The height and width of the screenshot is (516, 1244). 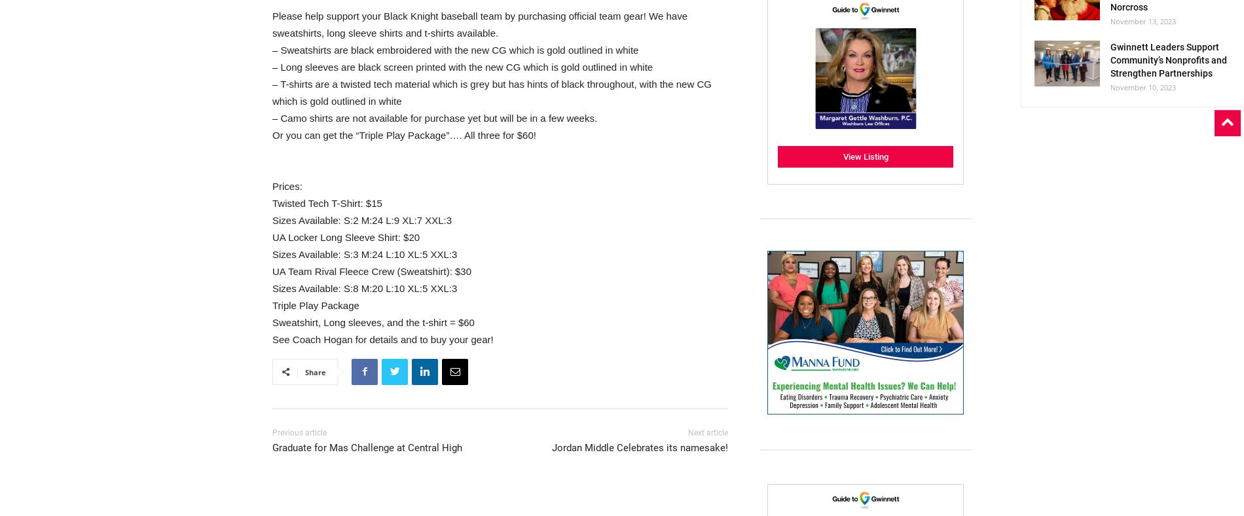 What do you see at coordinates (286, 185) in the screenshot?
I see `'Prices:'` at bounding box center [286, 185].